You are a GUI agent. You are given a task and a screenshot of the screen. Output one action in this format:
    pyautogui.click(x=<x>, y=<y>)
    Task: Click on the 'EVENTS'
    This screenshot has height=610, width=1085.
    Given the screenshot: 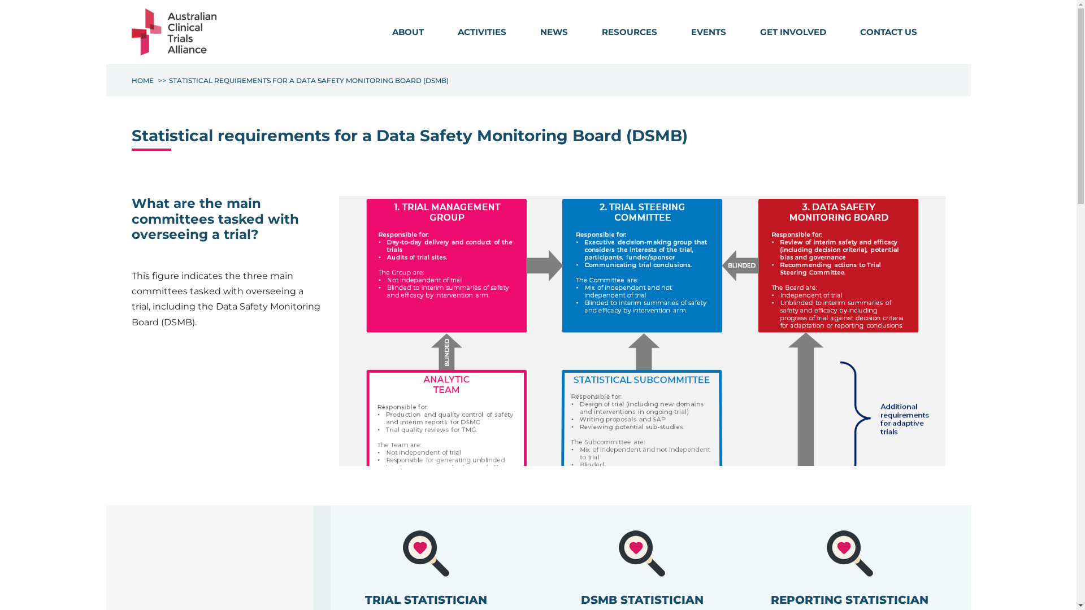 What is the action you would take?
    pyautogui.click(x=707, y=32)
    